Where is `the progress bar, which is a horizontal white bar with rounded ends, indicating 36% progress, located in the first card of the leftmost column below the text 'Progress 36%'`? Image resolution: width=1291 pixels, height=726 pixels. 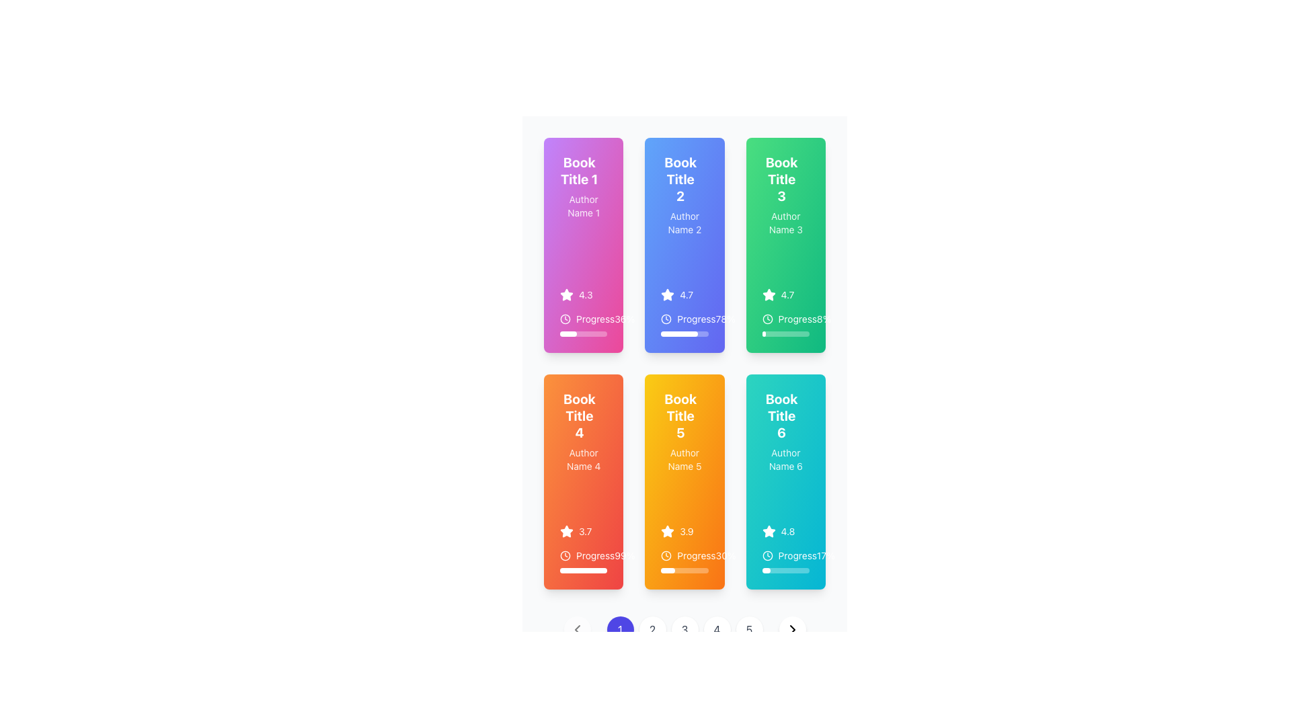
the progress bar, which is a horizontal white bar with rounded ends, indicating 36% progress, located in the first card of the leftmost column below the text 'Progress 36%' is located at coordinates (568, 333).